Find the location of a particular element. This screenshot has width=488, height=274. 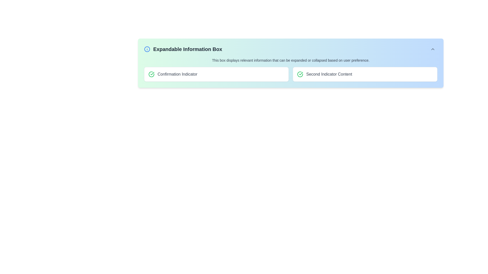

the toggle Button containing an icon located at the top-right corner of the 'Expandable Information Box' to change its background color is located at coordinates (433, 49).